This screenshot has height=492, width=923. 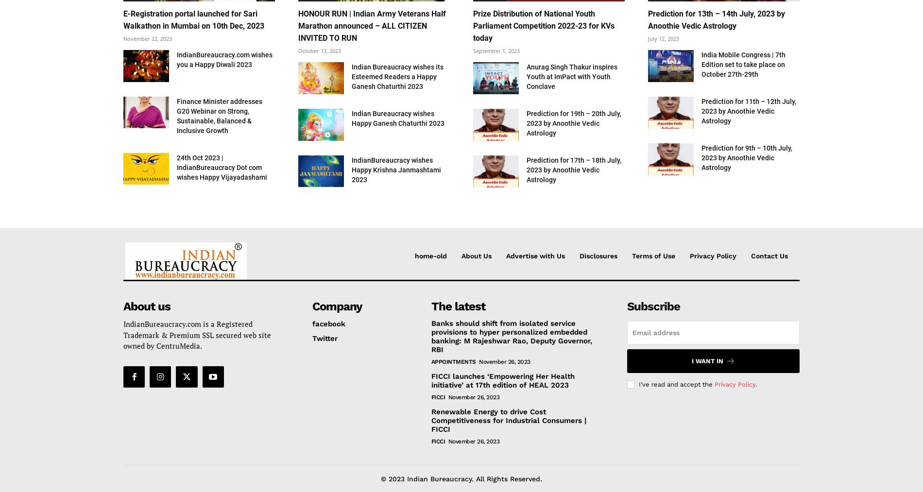 What do you see at coordinates (146, 305) in the screenshot?
I see `'About us'` at bounding box center [146, 305].